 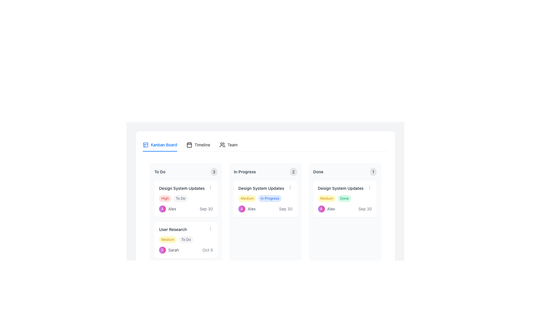 I want to click on the Task card titled 'Design System Updates' located in the 'In Progress' column of the Kanban board, so click(x=265, y=215).